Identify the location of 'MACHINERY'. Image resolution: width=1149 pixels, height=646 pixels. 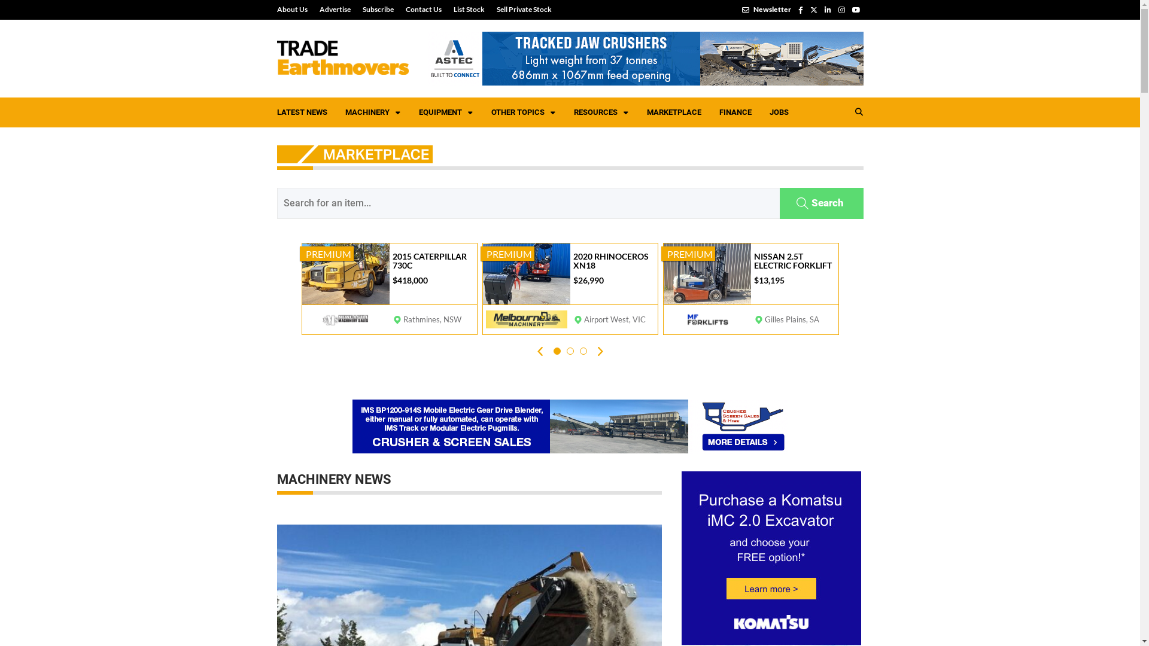
(335, 112).